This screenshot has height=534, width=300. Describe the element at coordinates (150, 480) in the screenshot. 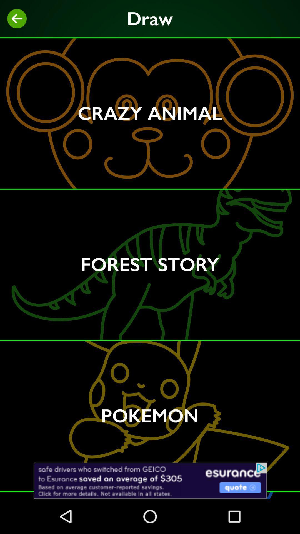

I see `advertisement in the bottom` at that location.